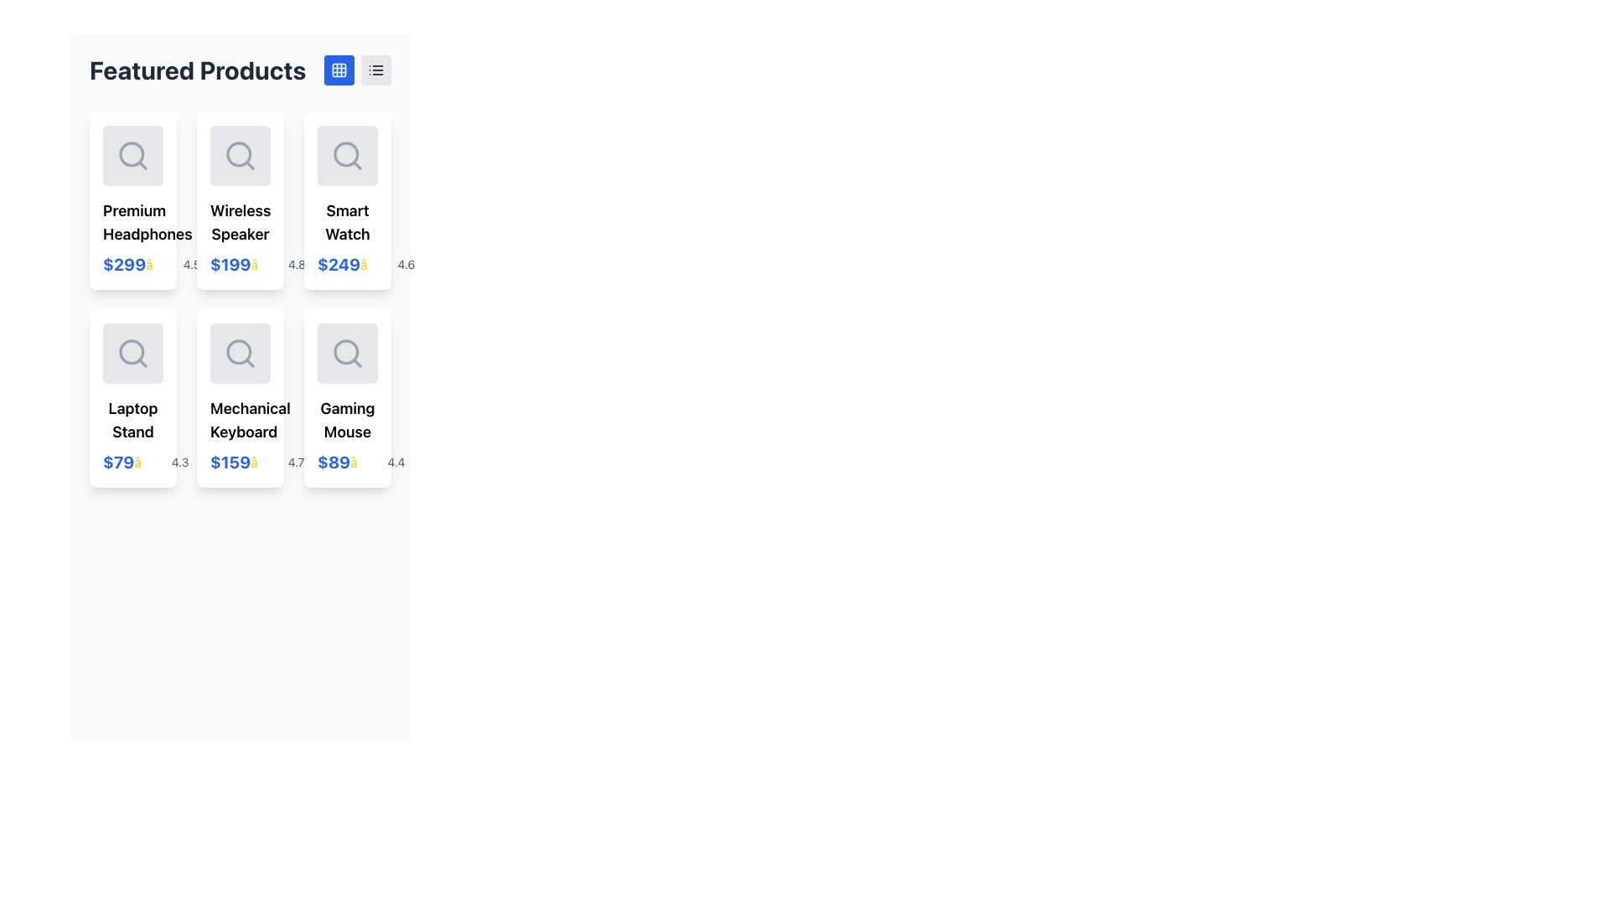 Image resolution: width=1609 pixels, height=905 pixels. I want to click on the search or zoom icon located on the product card labeled 'Gaming Mouse', positioned in the lower-right portion of the grid layout, directly above the price and rating text, so click(346, 352).